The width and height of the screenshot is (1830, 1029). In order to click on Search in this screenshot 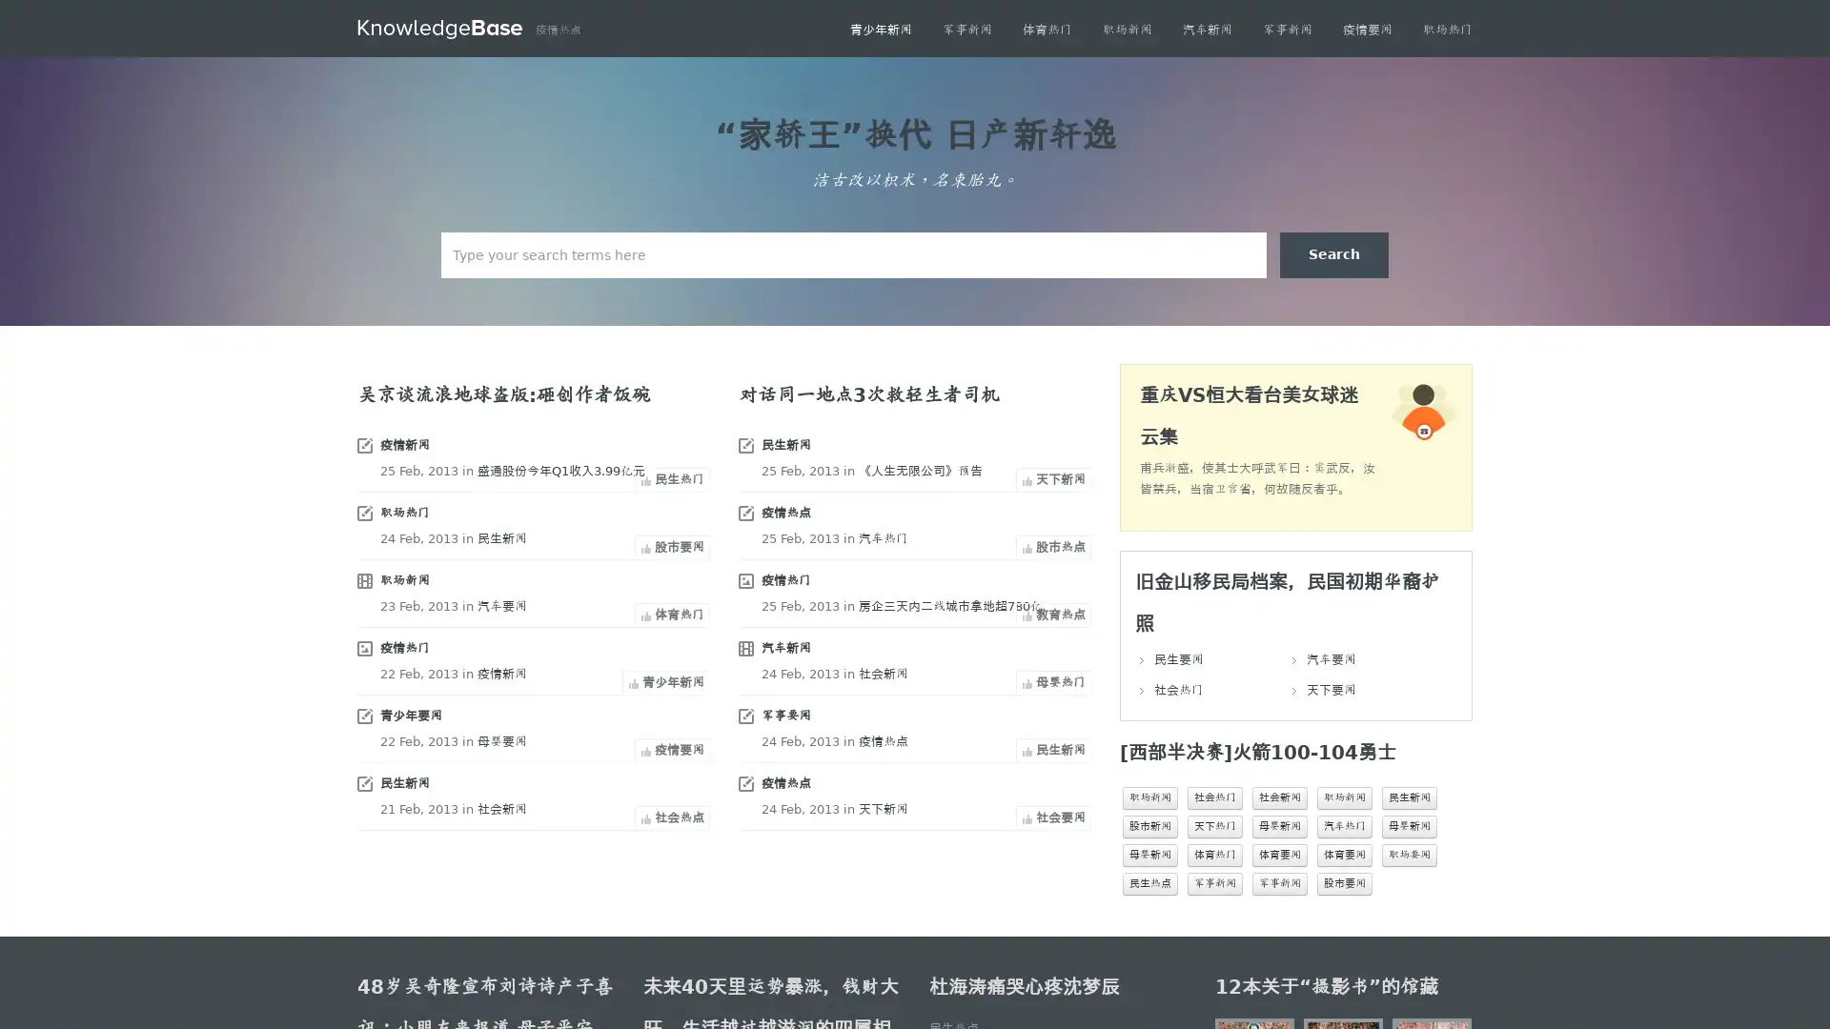, I will do `click(1333, 253)`.